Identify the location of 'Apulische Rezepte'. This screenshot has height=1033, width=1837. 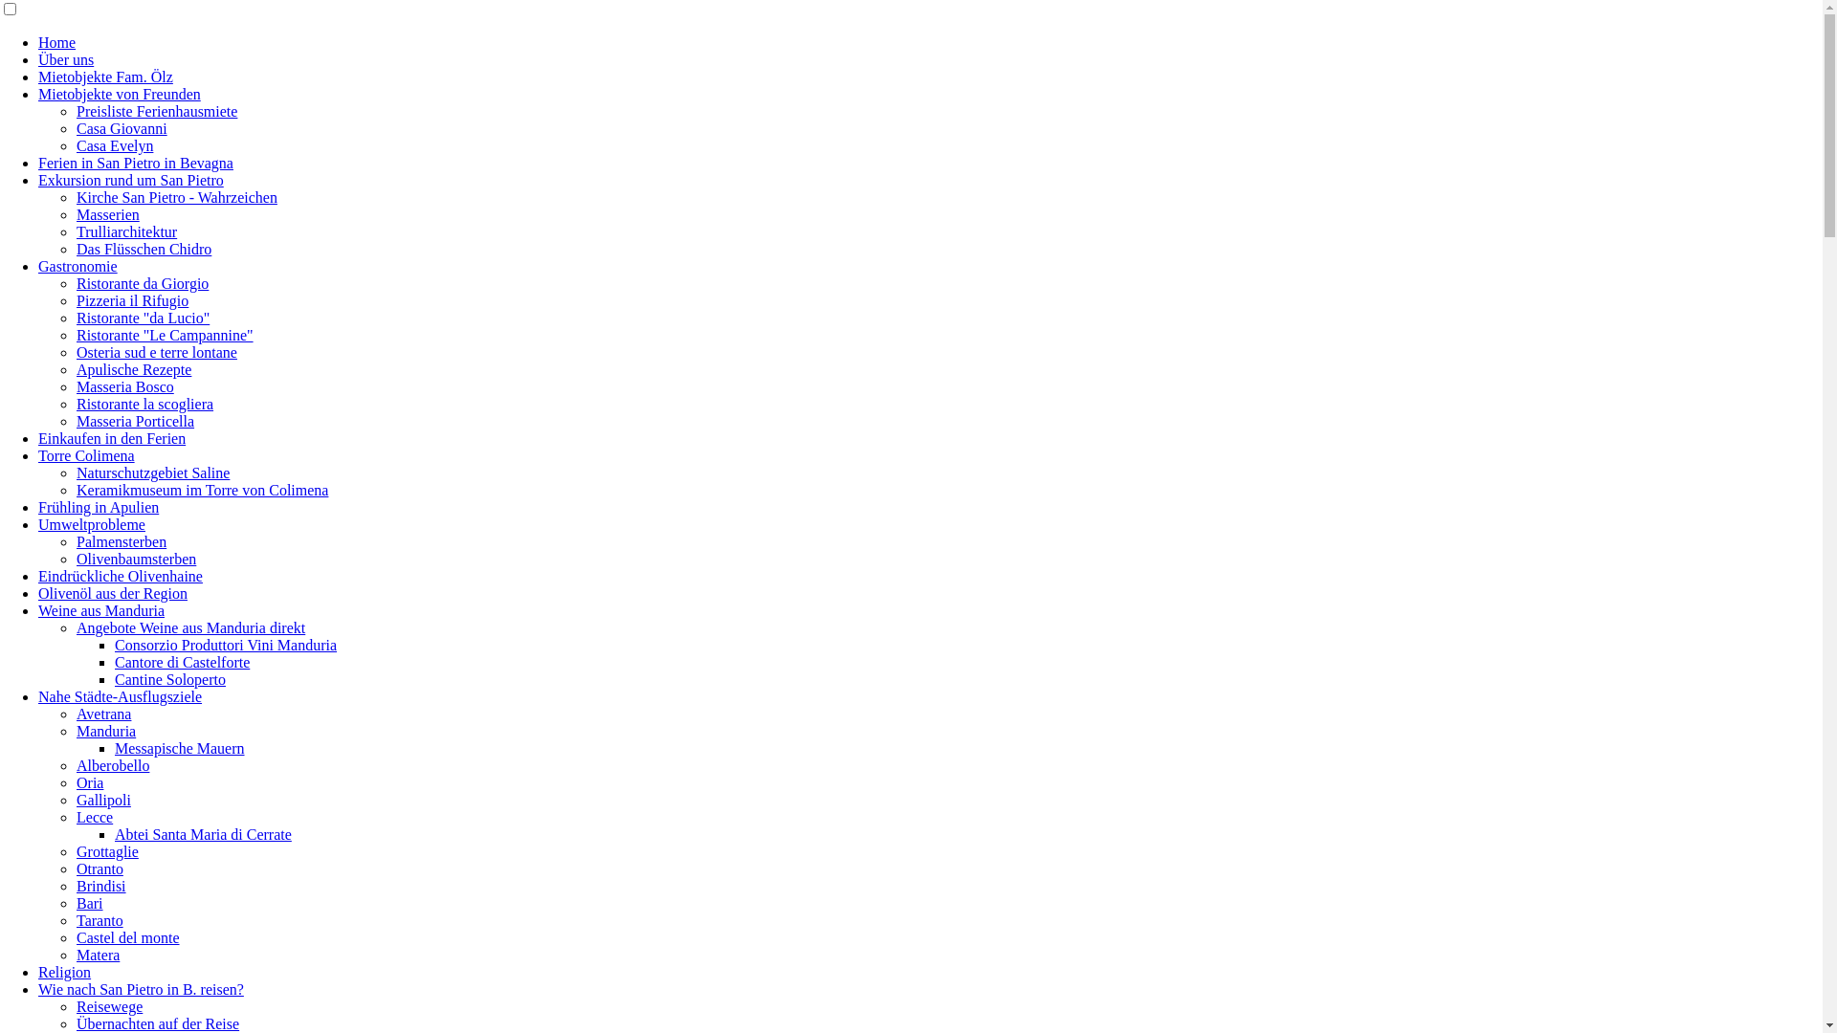
(132, 369).